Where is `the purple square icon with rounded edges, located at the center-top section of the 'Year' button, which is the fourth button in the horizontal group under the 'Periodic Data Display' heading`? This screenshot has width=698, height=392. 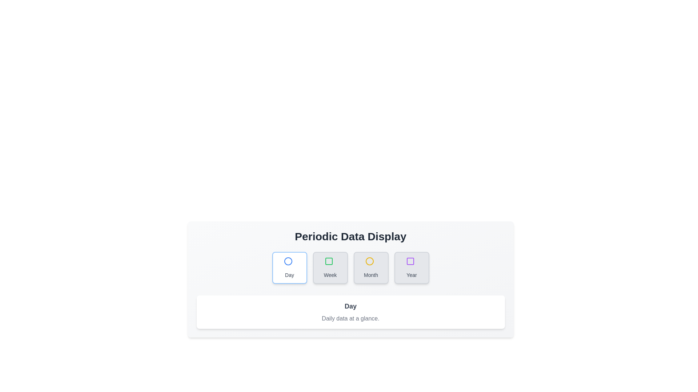 the purple square icon with rounded edges, located at the center-top section of the 'Year' button, which is the fourth button in the horizontal group under the 'Periodic Data Display' heading is located at coordinates (412, 263).